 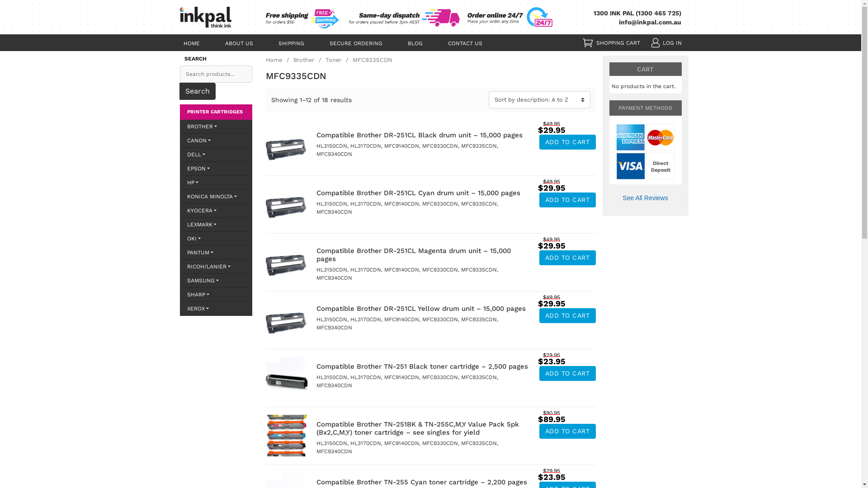 What do you see at coordinates (645, 197) in the screenshot?
I see `'See All Reviews'` at bounding box center [645, 197].